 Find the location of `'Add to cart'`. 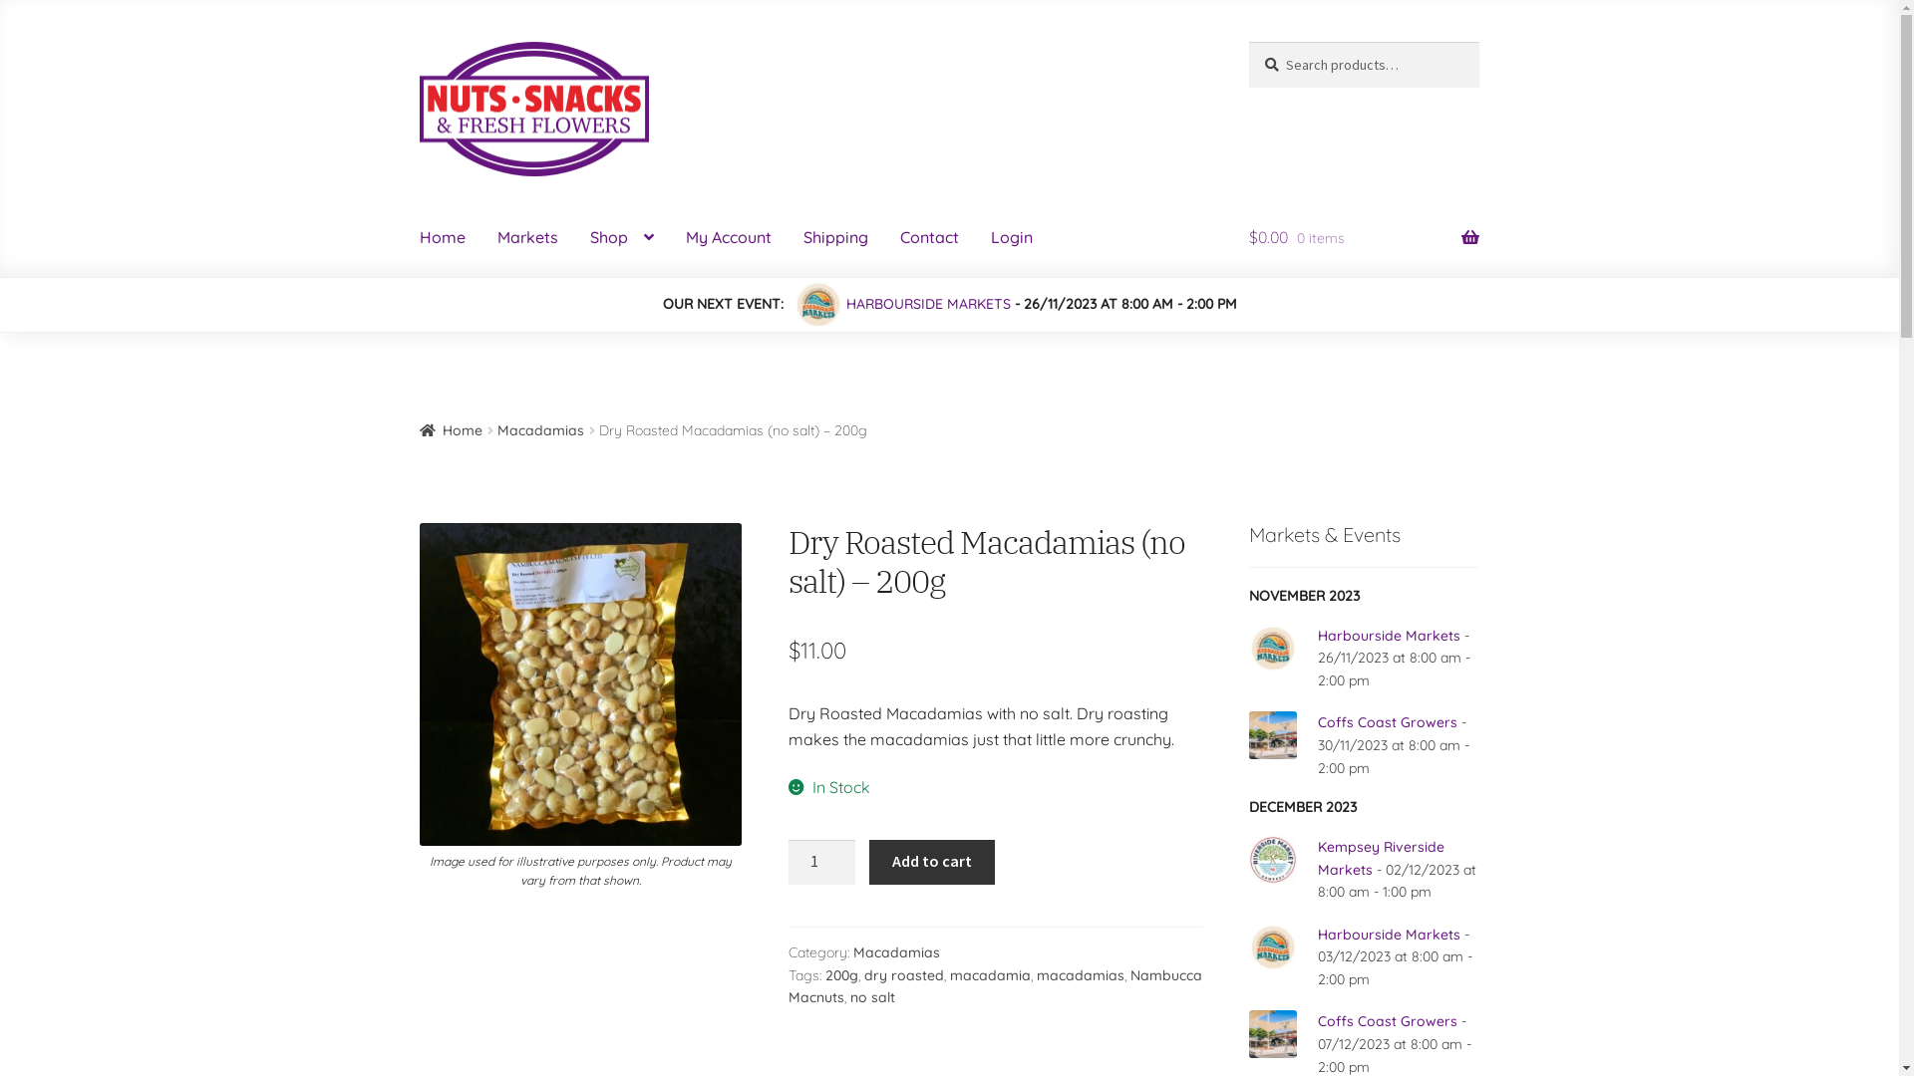

'Add to cart' is located at coordinates (930, 862).